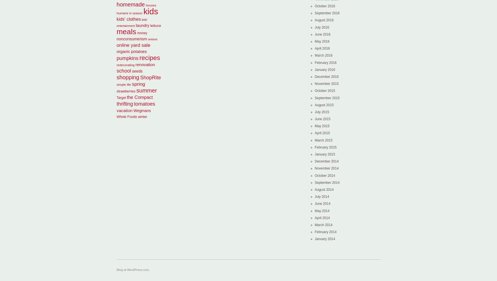 Image resolution: width=497 pixels, height=281 pixels. Describe the element at coordinates (324, 20) in the screenshot. I see `'August 2016'` at that location.